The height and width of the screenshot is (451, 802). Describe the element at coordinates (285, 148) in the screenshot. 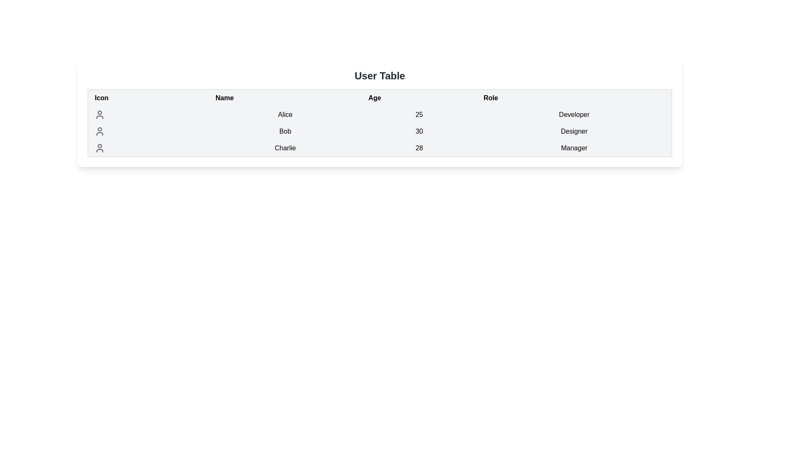

I see `the text label displaying 'Charlie' in the third row's 'Name' column of the user table` at that location.